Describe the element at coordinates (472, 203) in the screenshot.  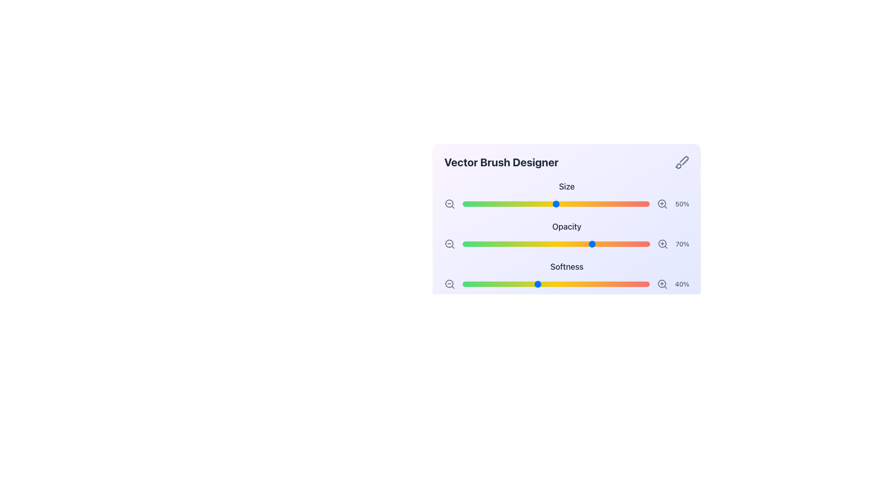
I see `the slider value` at that location.